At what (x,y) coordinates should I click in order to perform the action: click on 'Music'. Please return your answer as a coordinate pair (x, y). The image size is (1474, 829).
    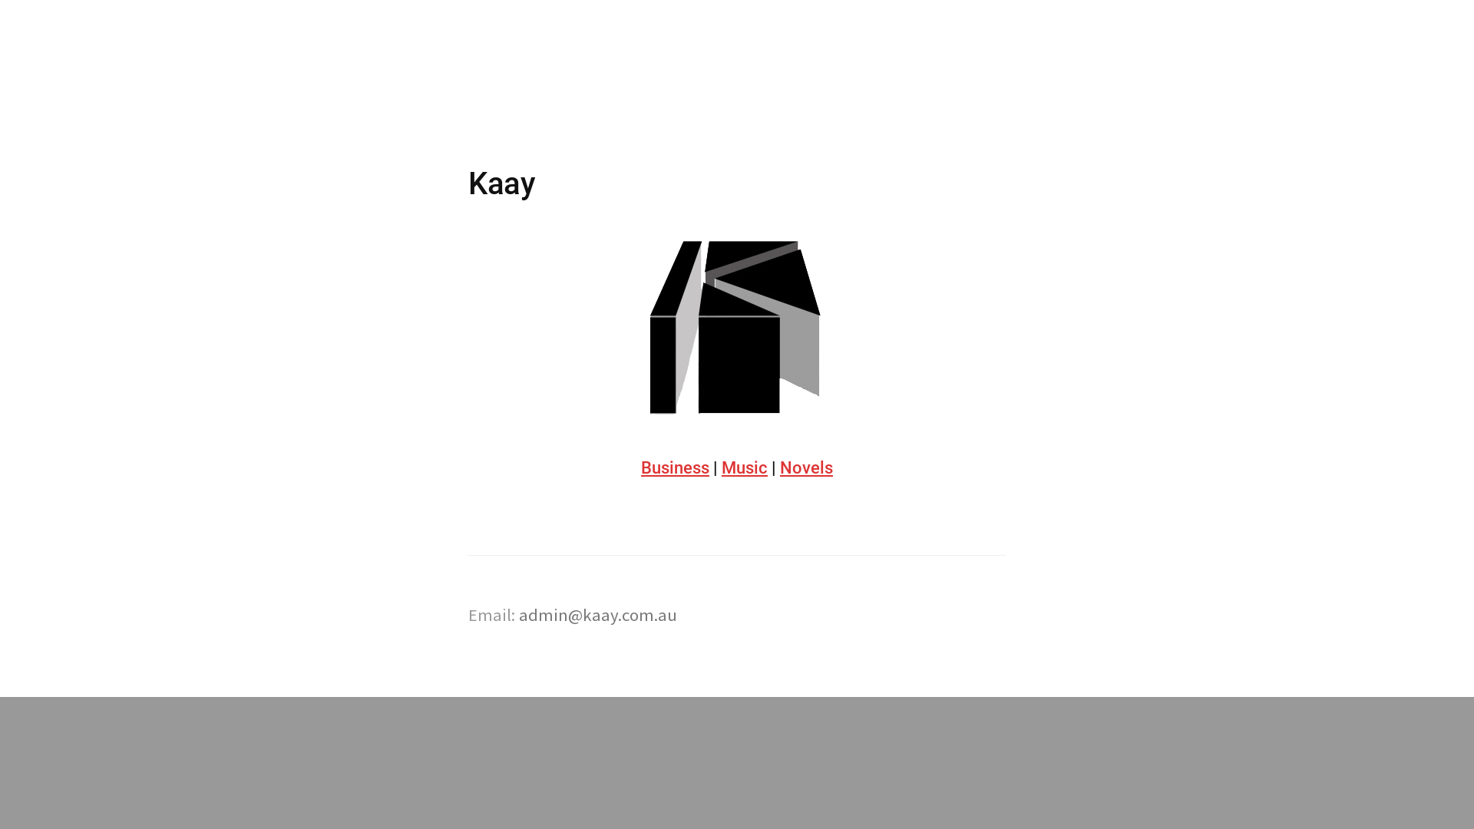
    Looking at the image, I should click on (721, 467).